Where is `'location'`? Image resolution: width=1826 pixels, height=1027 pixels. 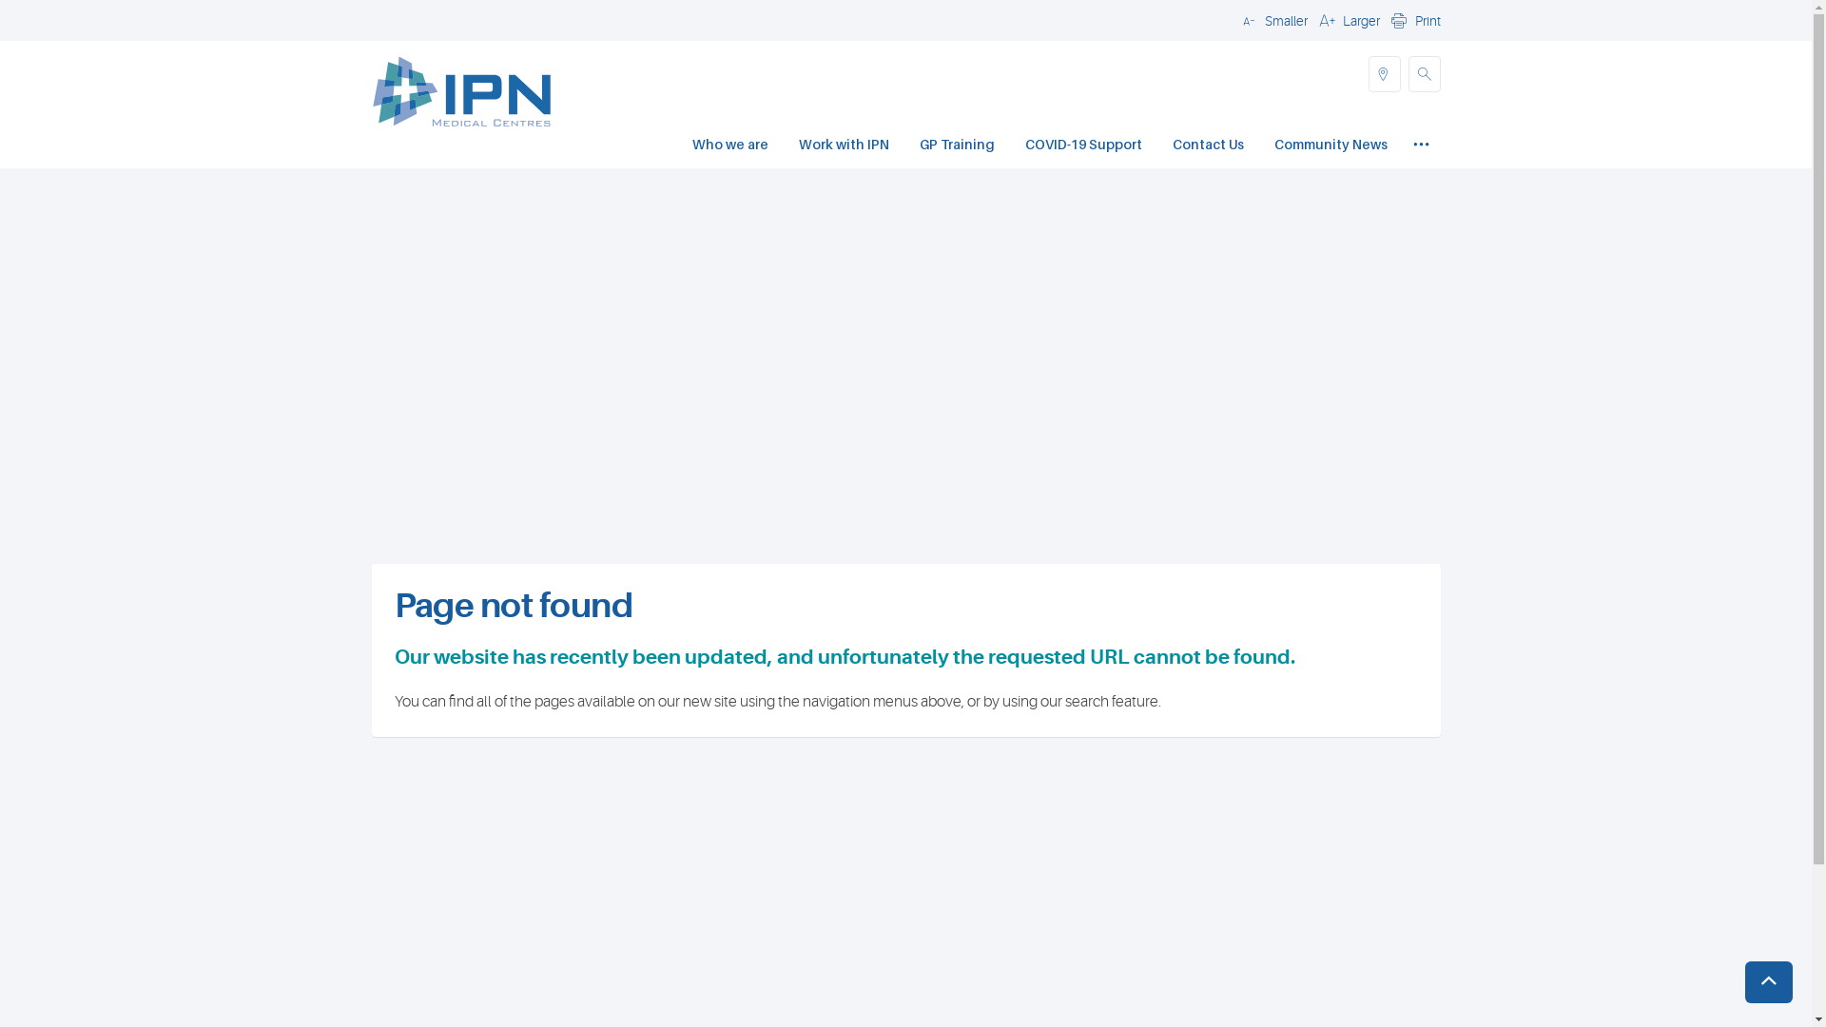
'location' is located at coordinates (1367, 72).